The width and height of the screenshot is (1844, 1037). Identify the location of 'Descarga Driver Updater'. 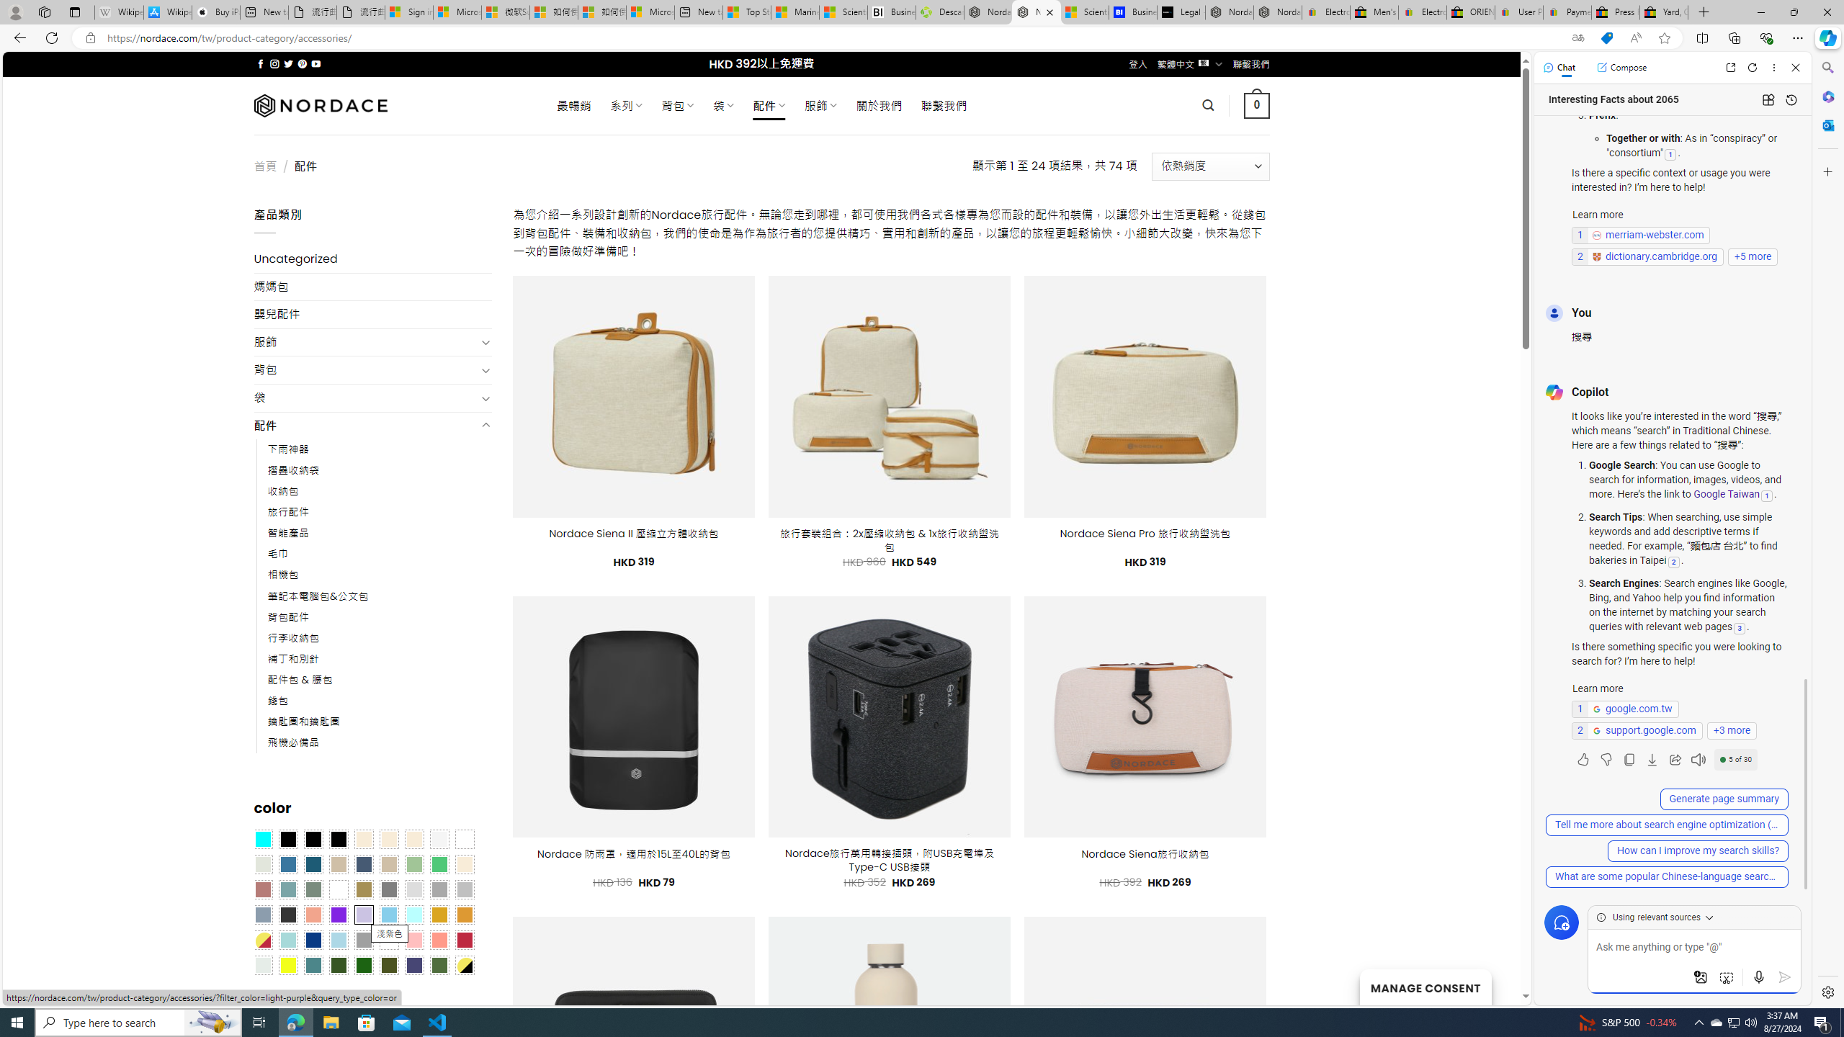
(939, 12).